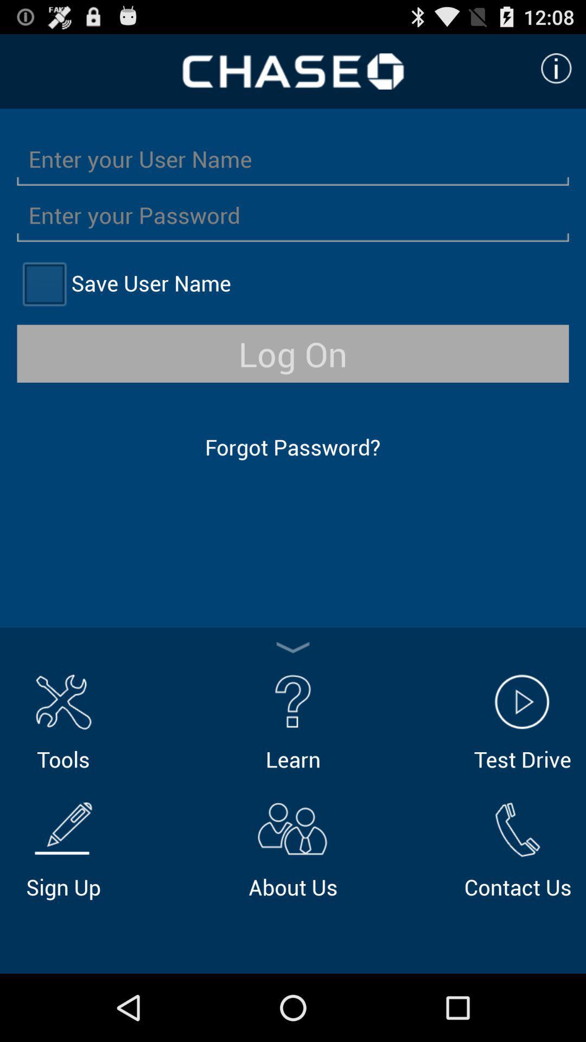 The image size is (586, 1042). I want to click on the icon next to the learn icon, so click(522, 720).